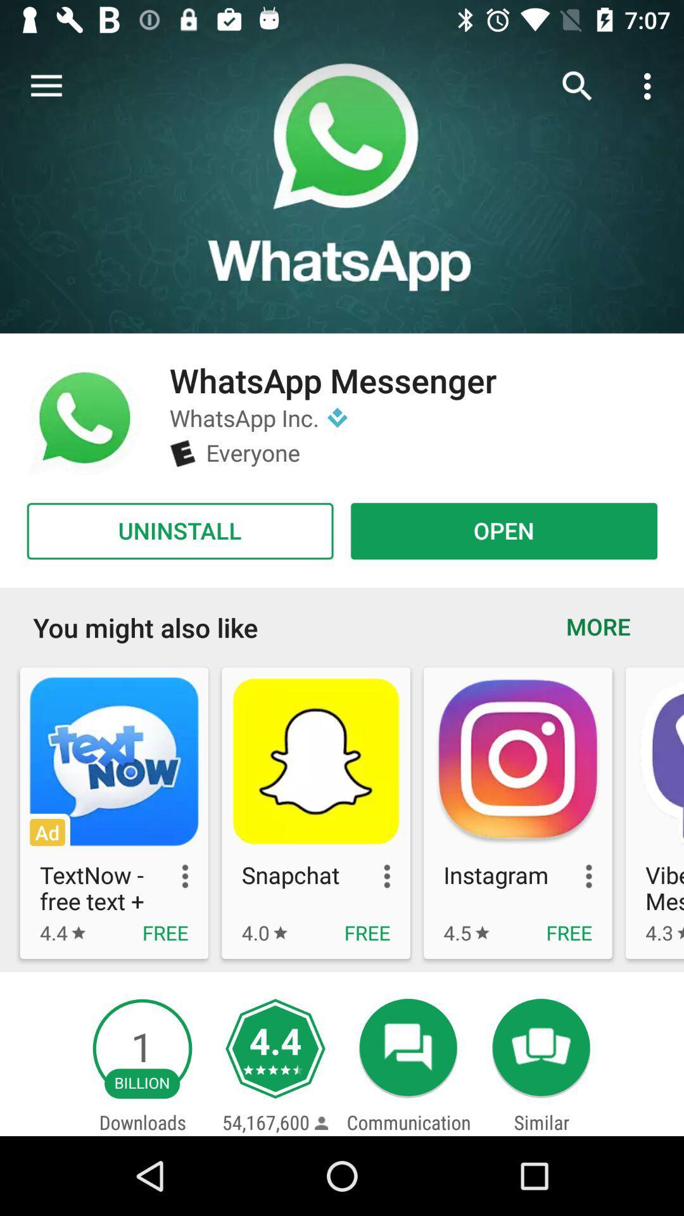  I want to click on the icon of the text now, so click(114, 761).